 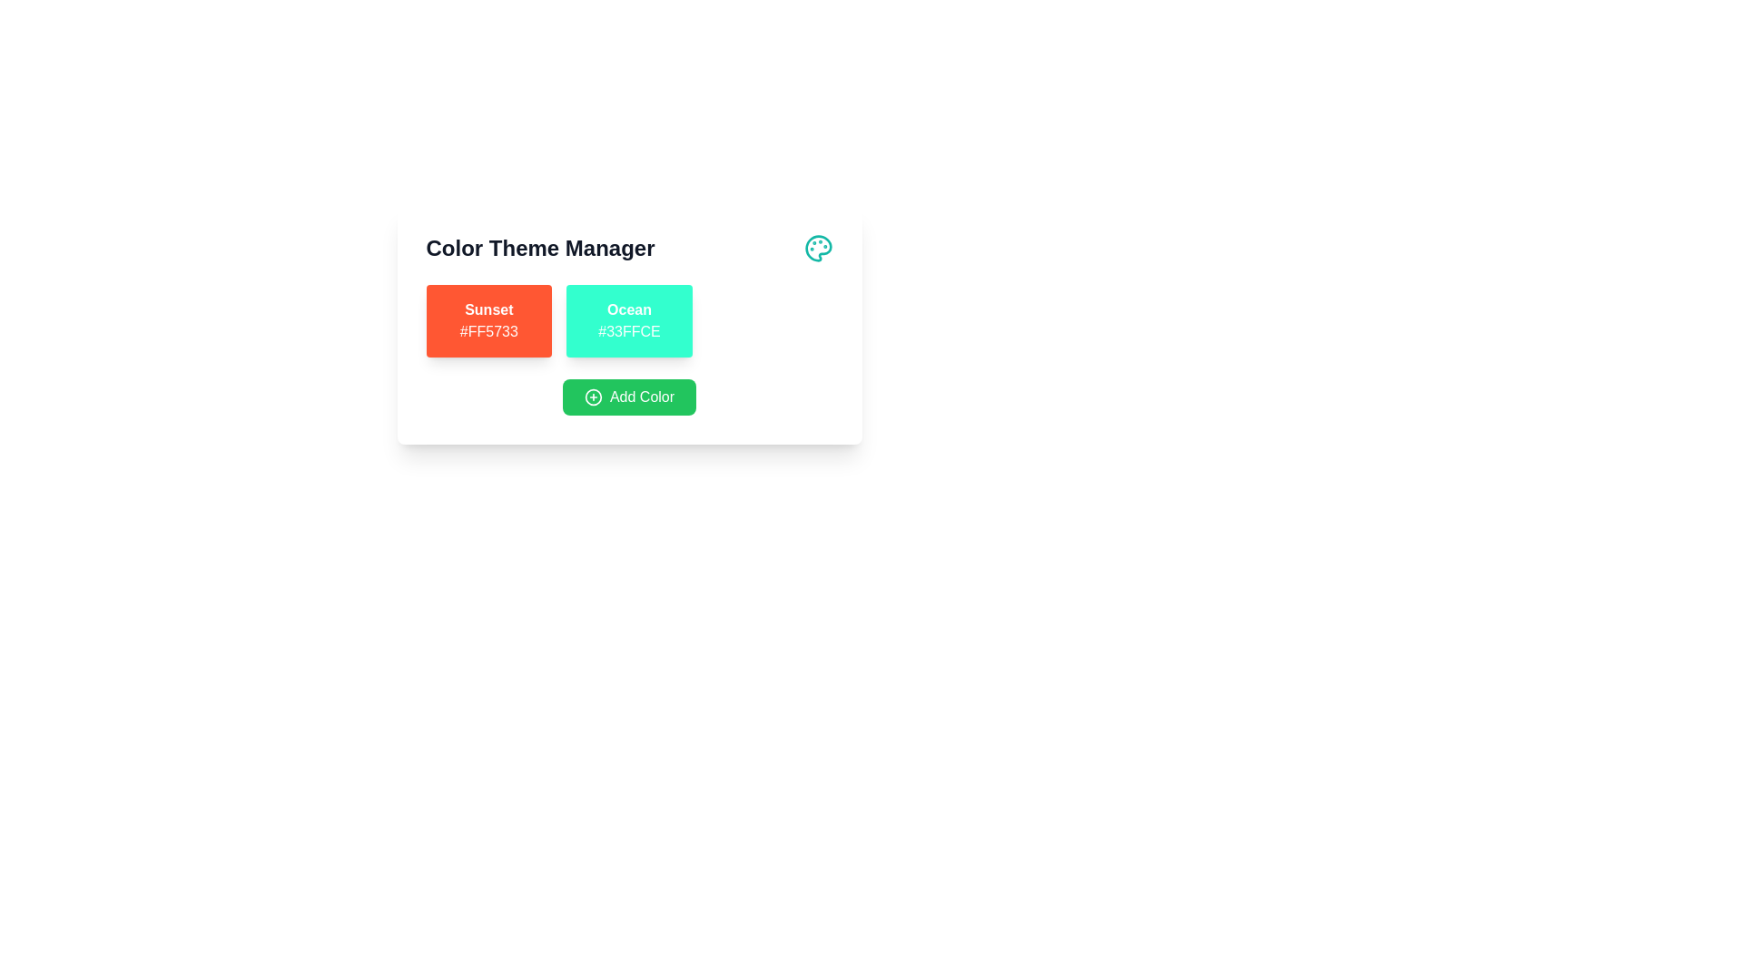 I want to click on the teal-colored painter's palette graphic element located in the top-right corner of the 'Color Theme Manager' card, so click(x=817, y=248).